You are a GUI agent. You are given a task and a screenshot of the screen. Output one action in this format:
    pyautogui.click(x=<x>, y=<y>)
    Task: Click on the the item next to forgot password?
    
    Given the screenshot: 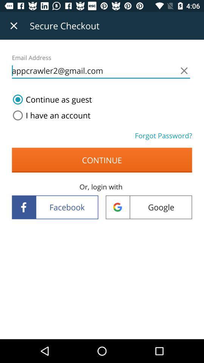 What is the action you would take?
    pyautogui.click(x=50, y=115)
    